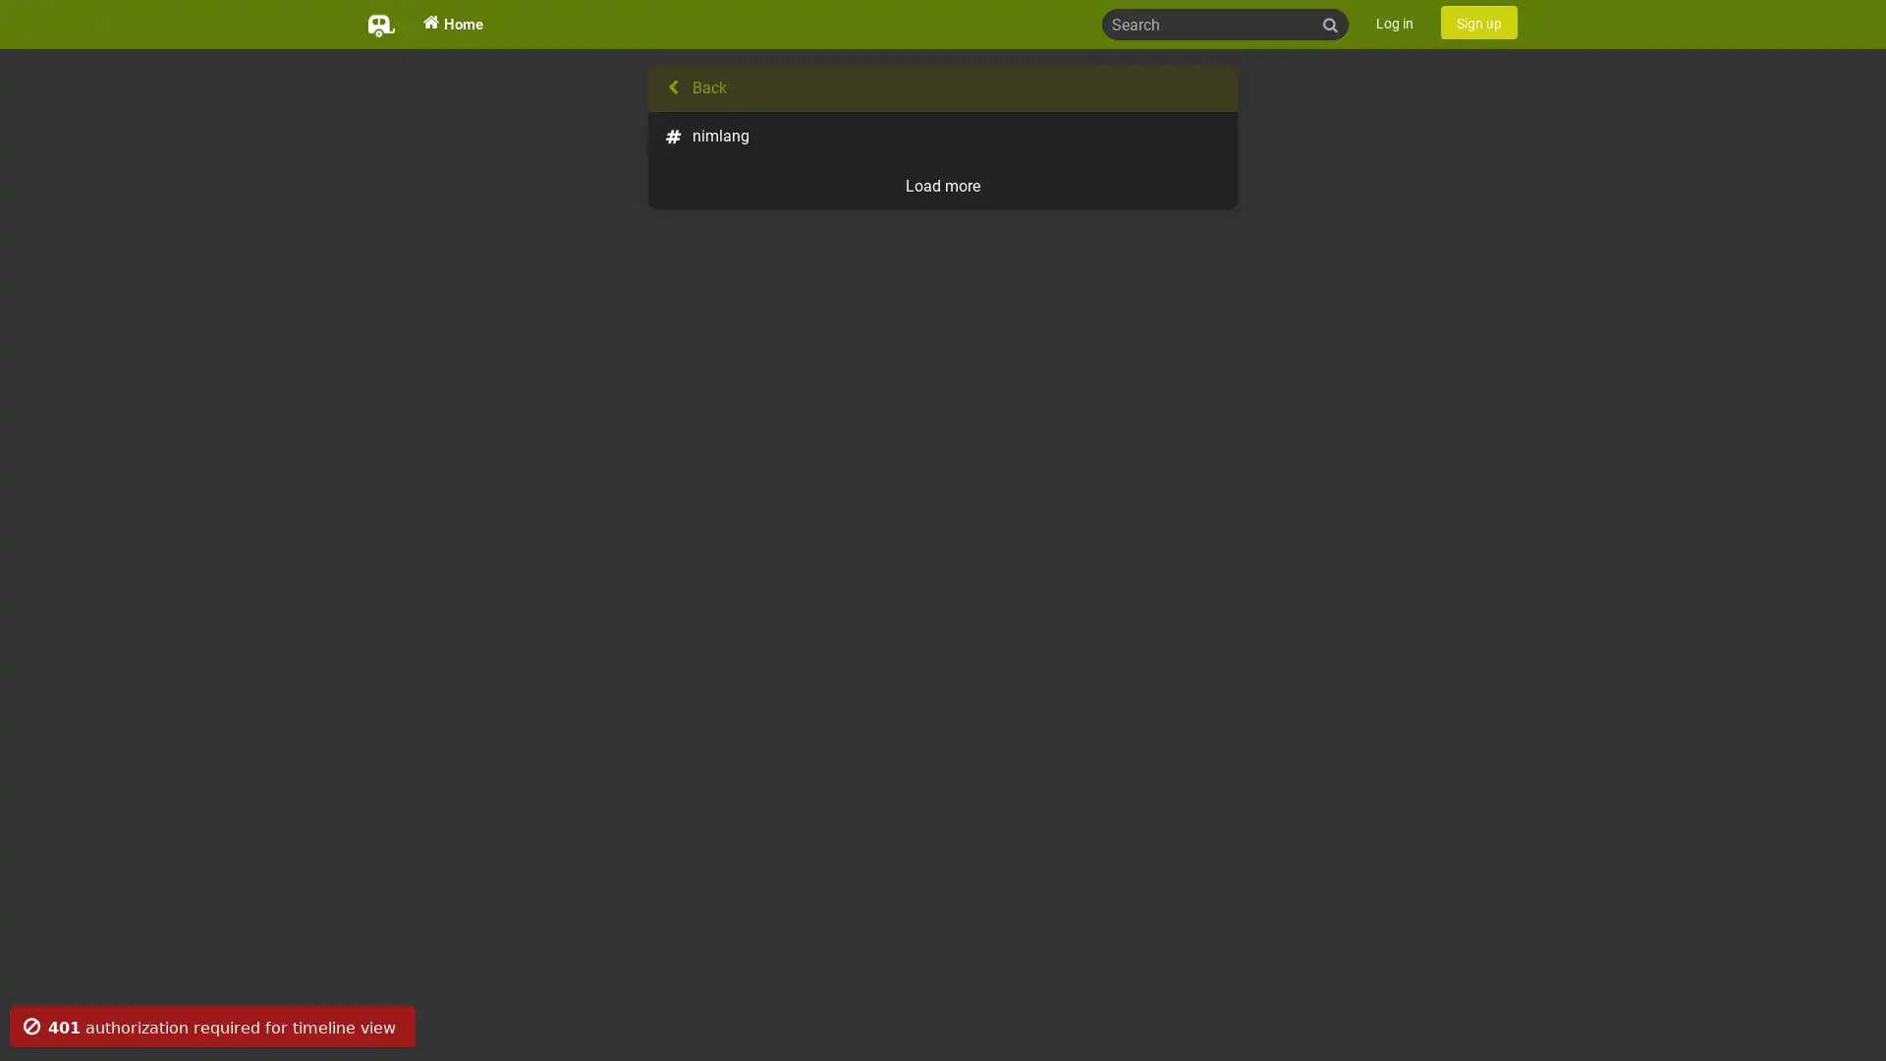  Describe the element at coordinates (943, 86) in the screenshot. I see `Back` at that location.